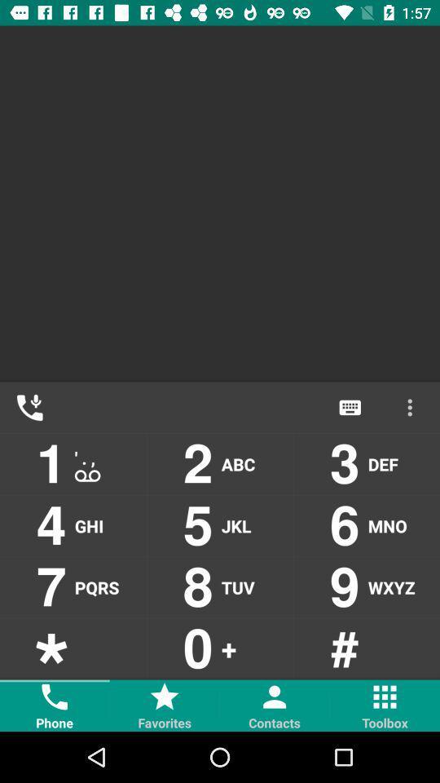 The image size is (440, 783). What do you see at coordinates (409, 406) in the screenshot?
I see `the more icon` at bounding box center [409, 406].